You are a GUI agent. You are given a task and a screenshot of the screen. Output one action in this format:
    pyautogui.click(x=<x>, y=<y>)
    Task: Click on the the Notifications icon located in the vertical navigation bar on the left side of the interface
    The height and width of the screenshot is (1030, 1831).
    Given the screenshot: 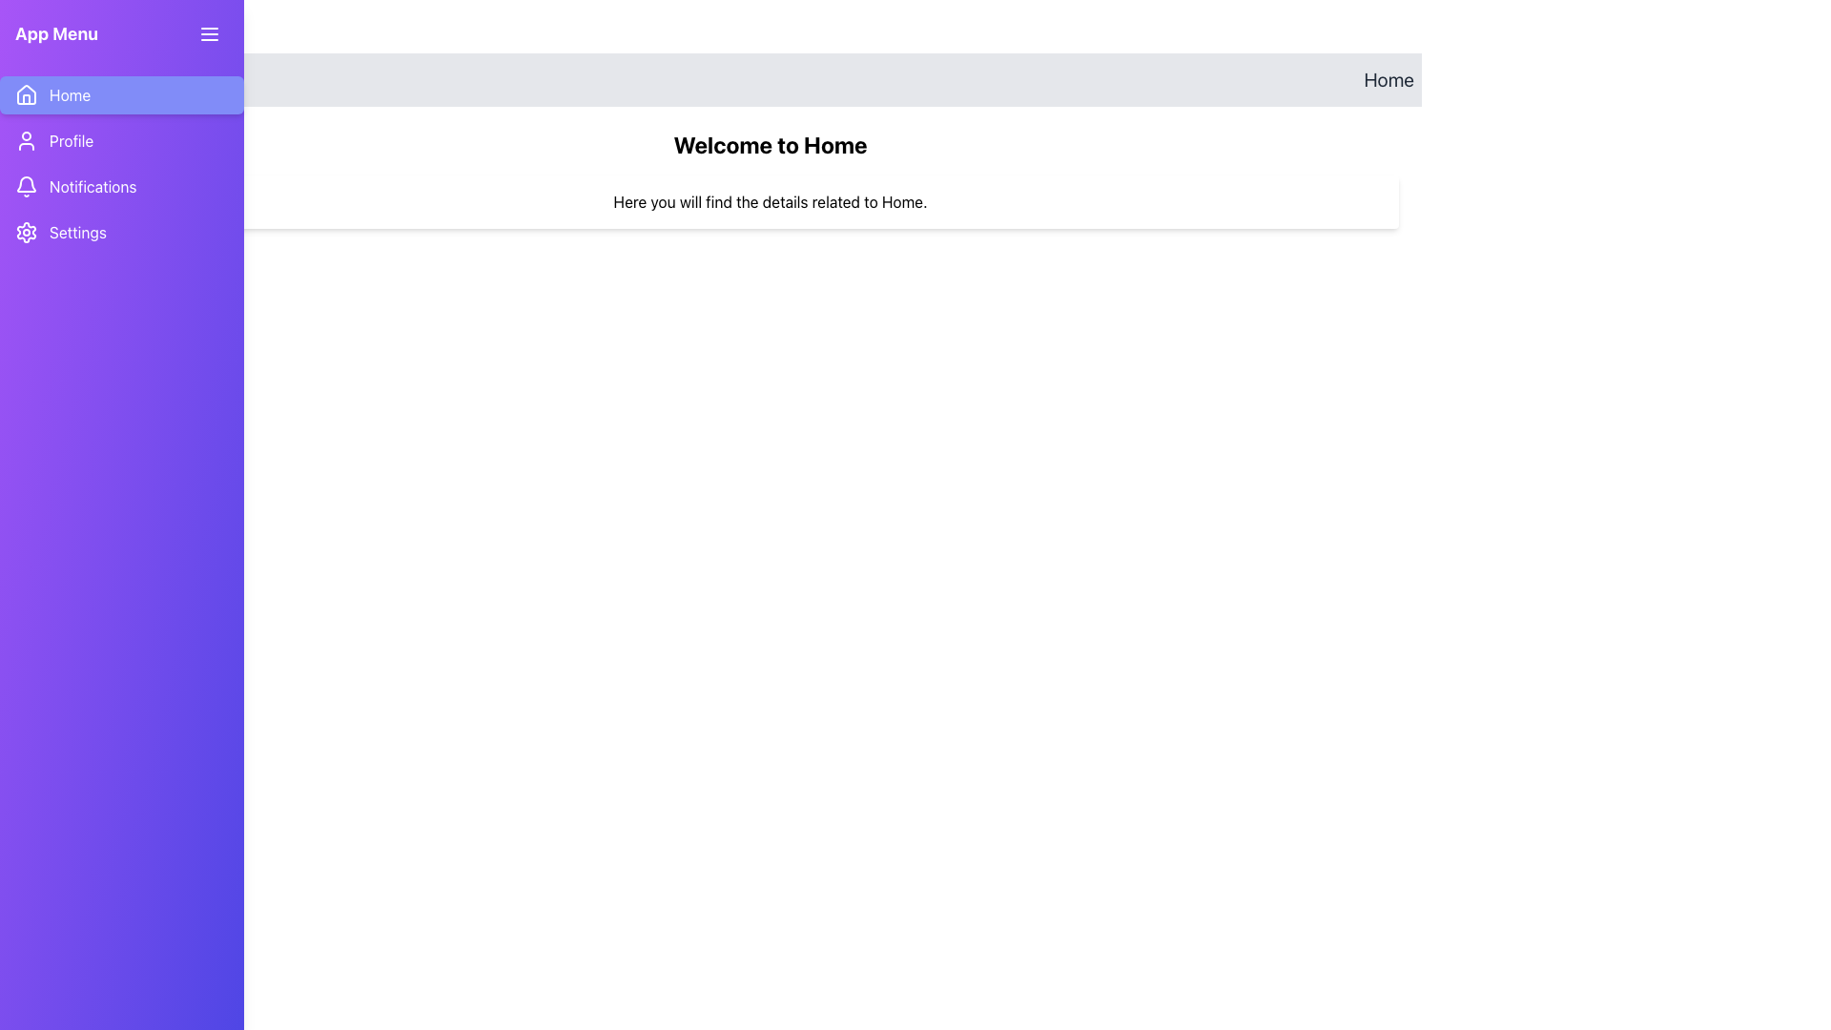 What is the action you would take?
    pyautogui.click(x=27, y=187)
    